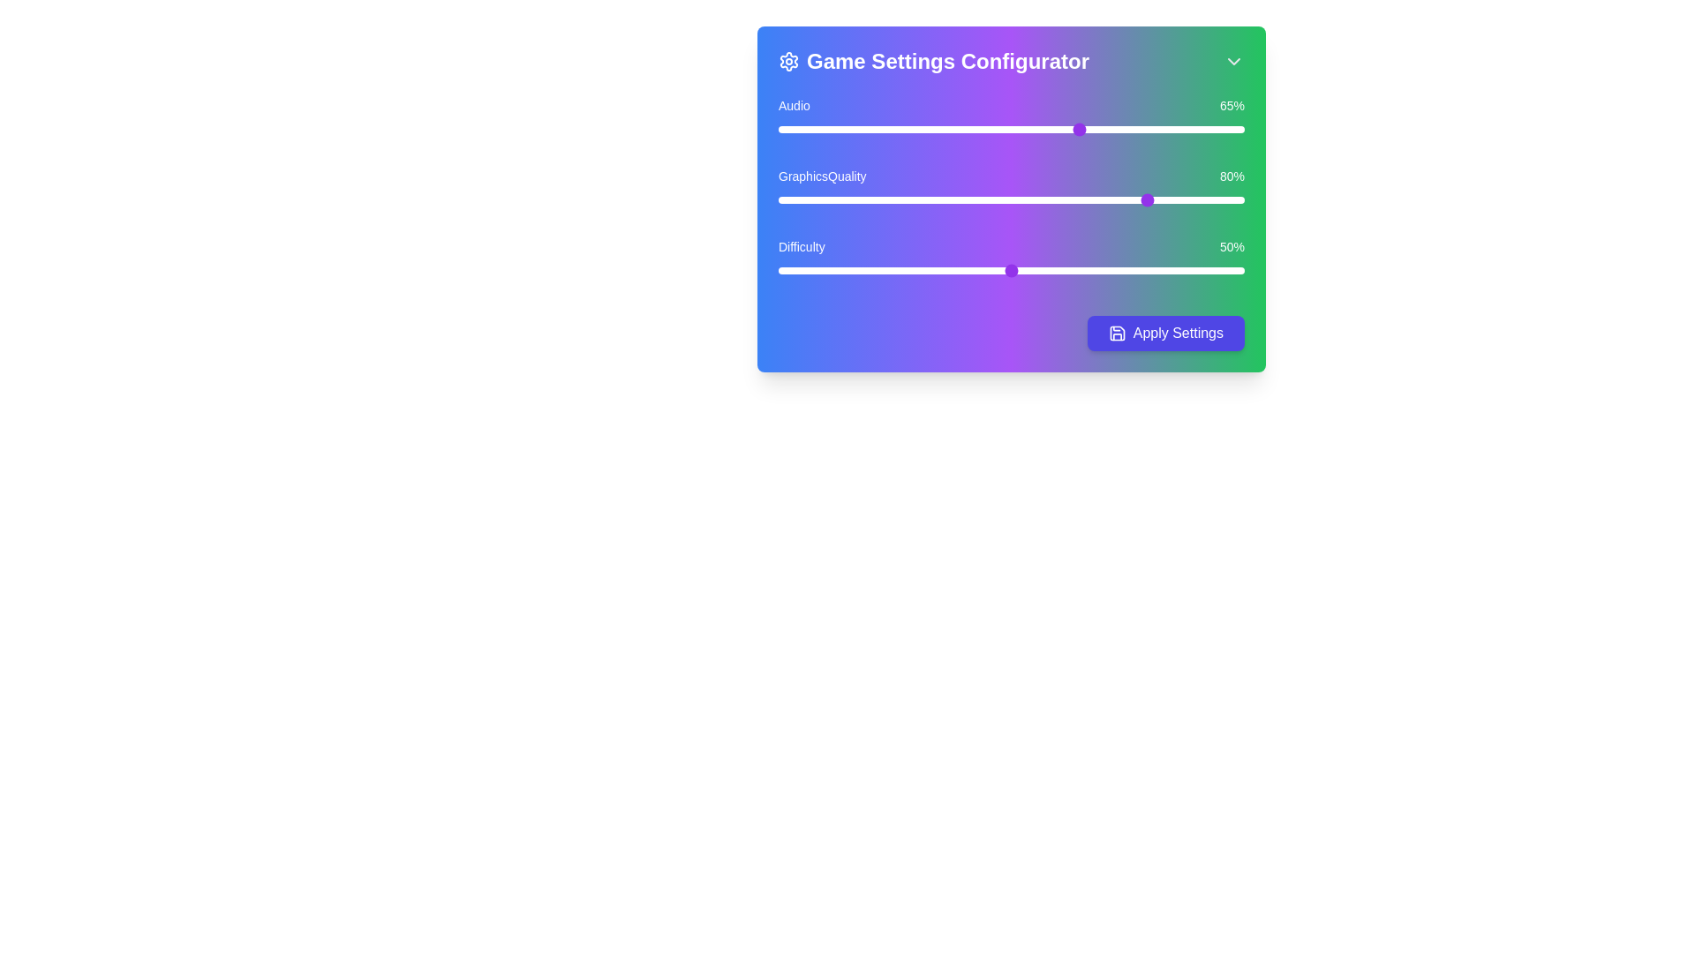 The width and height of the screenshot is (1695, 953). Describe the element at coordinates (787, 271) in the screenshot. I see `the difficulty slider` at that location.